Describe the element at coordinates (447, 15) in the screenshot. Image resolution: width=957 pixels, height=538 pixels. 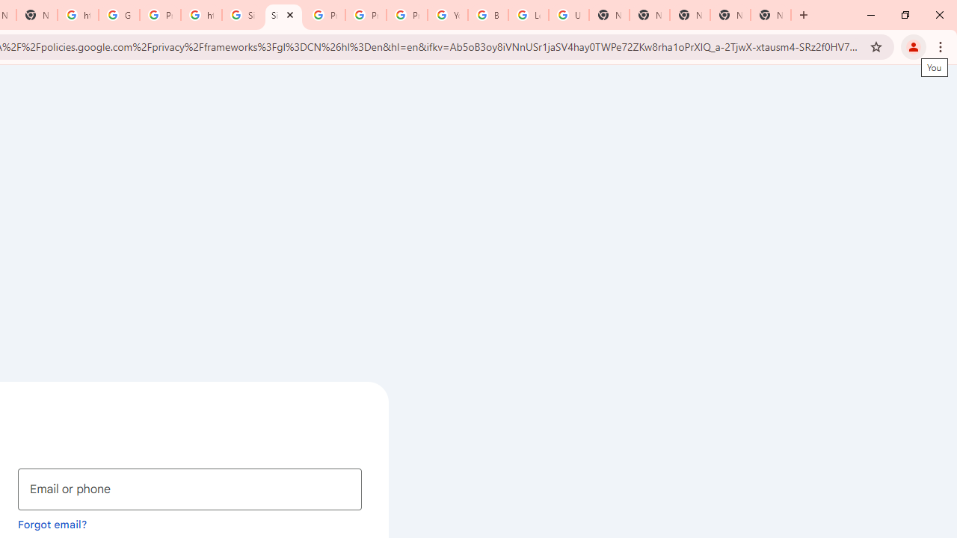
I see `'YouTube'` at that location.